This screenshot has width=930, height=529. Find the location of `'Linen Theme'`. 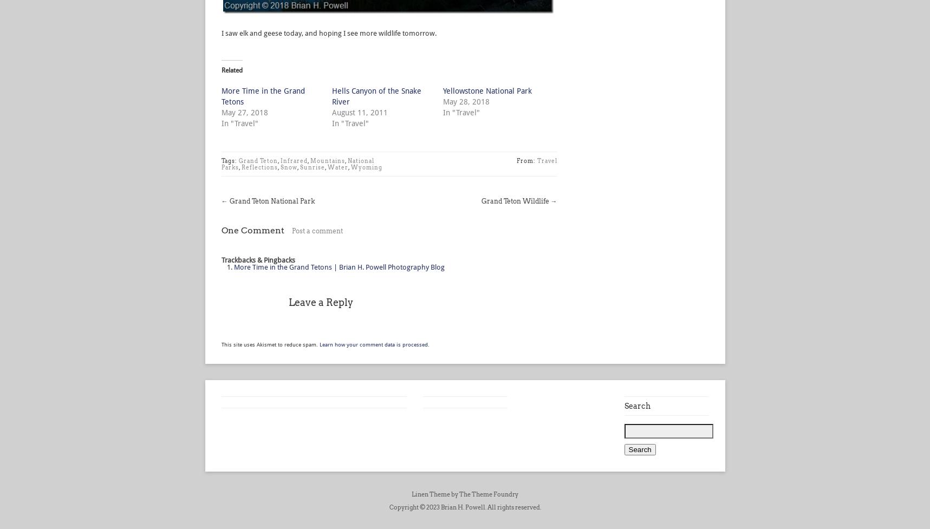

'Linen Theme' is located at coordinates (430, 494).